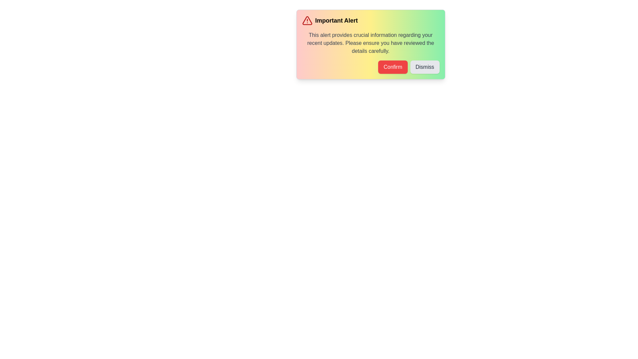  Describe the element at coordinates (370, 43) in the screenshot. I see `the informational text element that delivers a message to the user, located below the 'Important Alert' title and above the 'Confirm' and 'Dismiss' buttons` at that location.